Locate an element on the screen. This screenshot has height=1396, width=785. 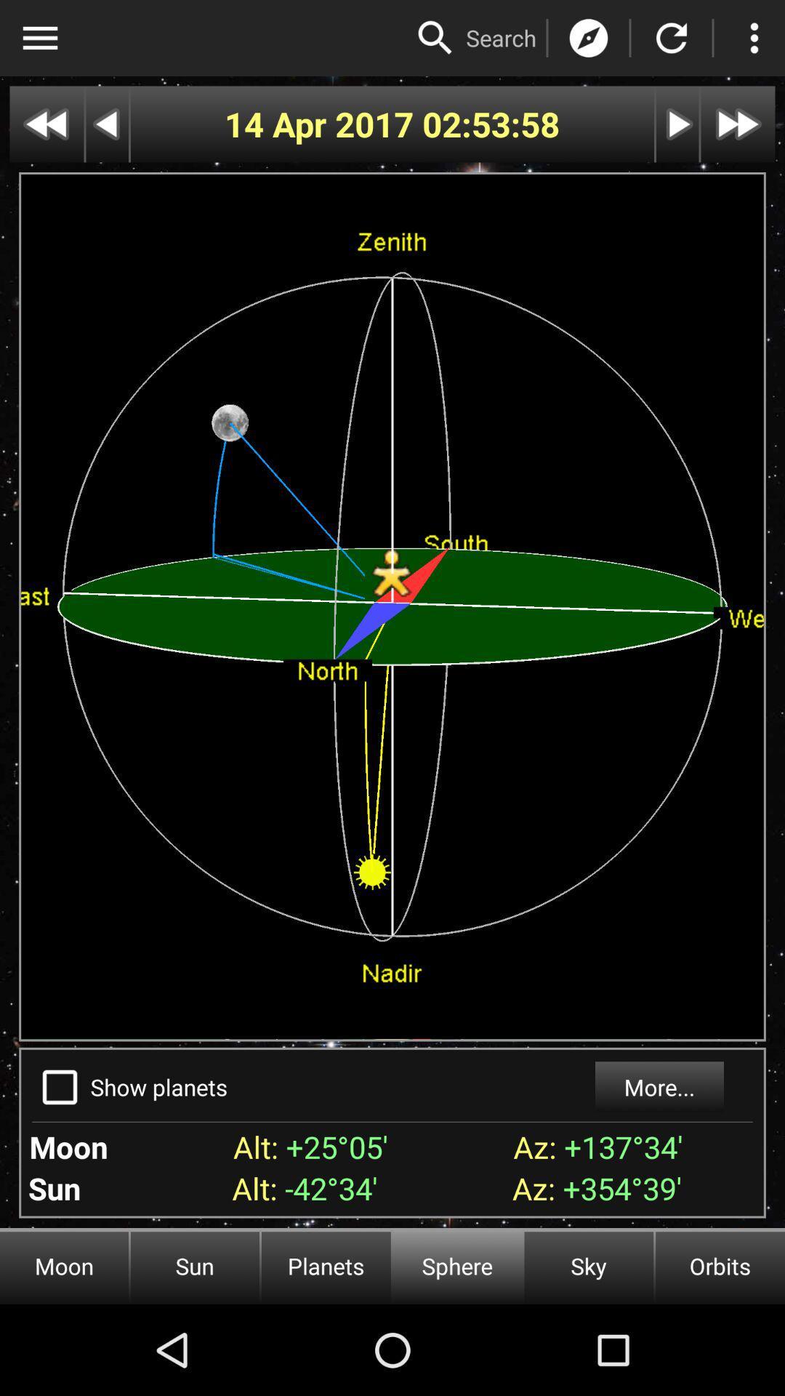
search is located at coordinates (435, 38).